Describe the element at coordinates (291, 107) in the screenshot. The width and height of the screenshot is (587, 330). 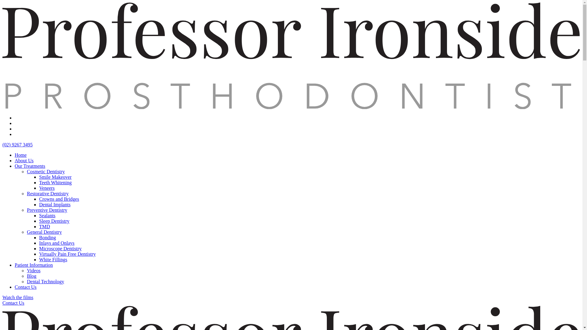
I see `'Logo'` at that location.